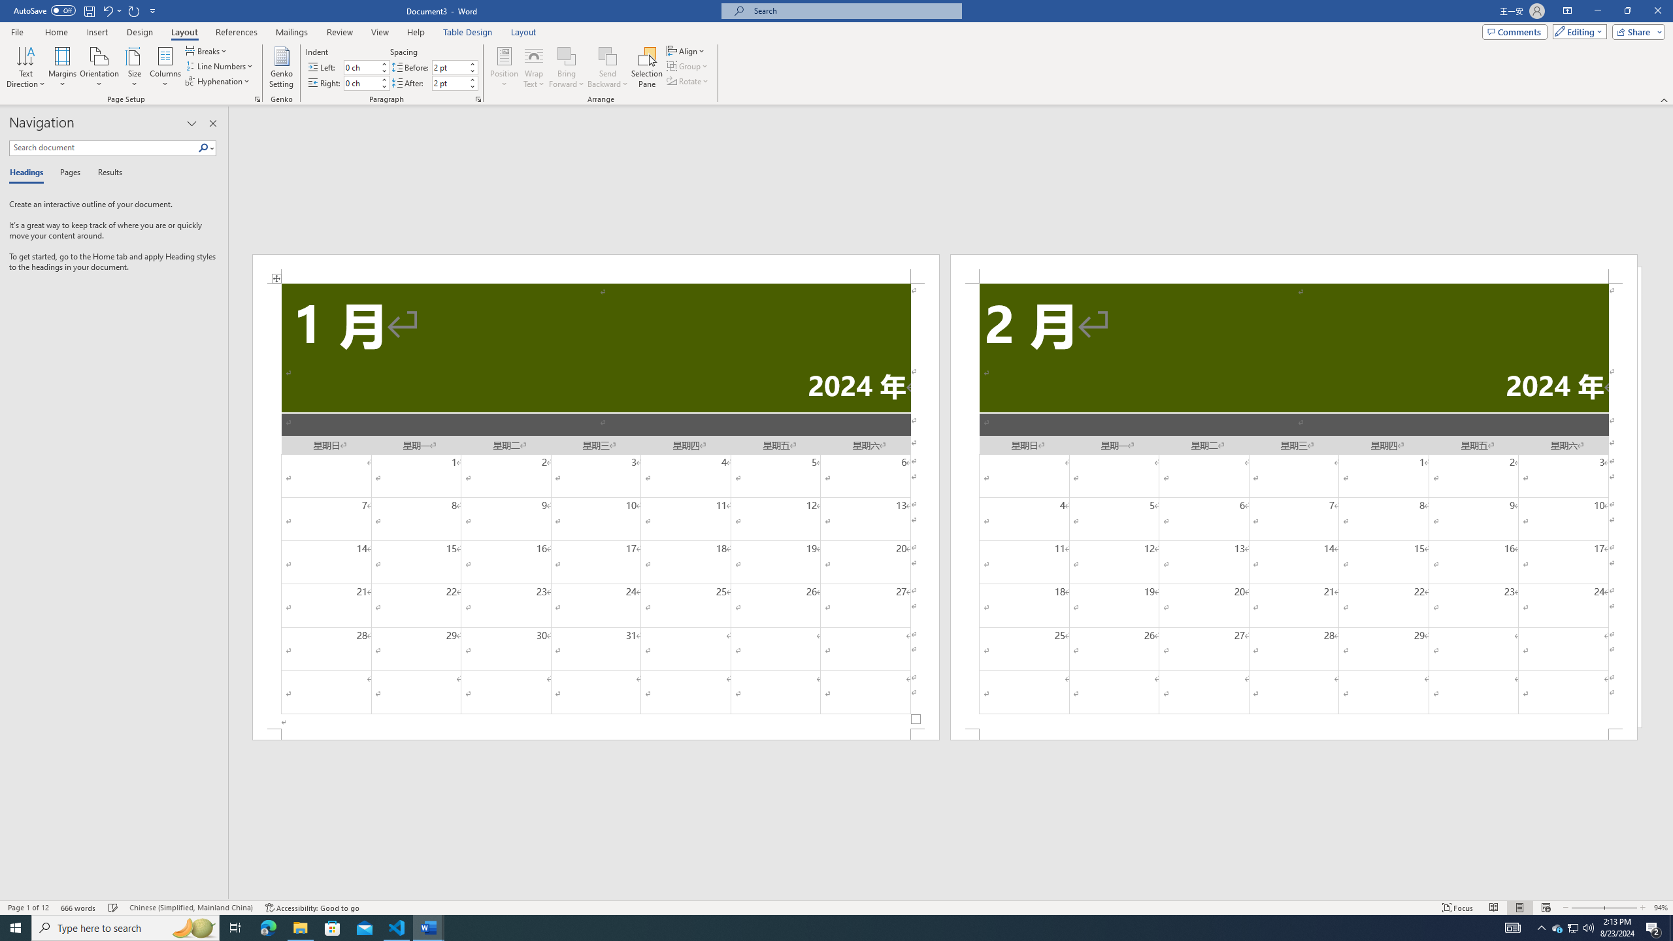 Image resolution: width=1673 pixels, height=941 pixels. I want to click on 'Search document', so click(103, 147).